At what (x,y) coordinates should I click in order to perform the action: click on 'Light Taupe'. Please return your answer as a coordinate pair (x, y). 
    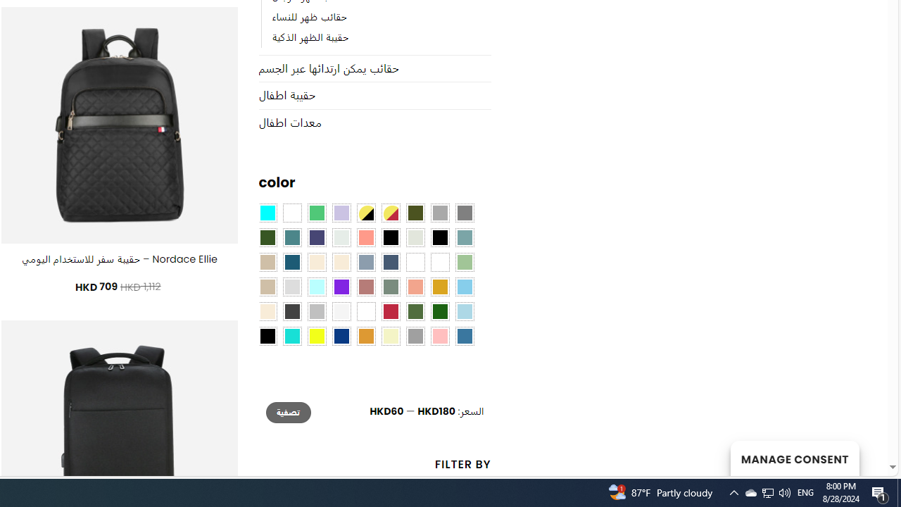
    Looking at the image, I should click on (267, 287).